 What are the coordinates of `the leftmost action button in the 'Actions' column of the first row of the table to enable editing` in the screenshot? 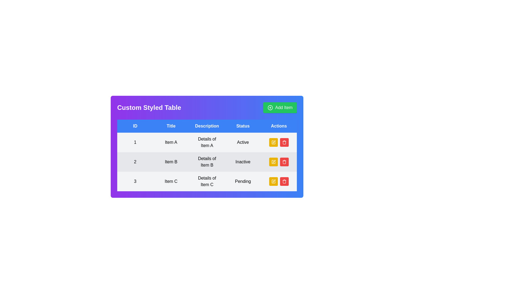 It's located at (273, 142).